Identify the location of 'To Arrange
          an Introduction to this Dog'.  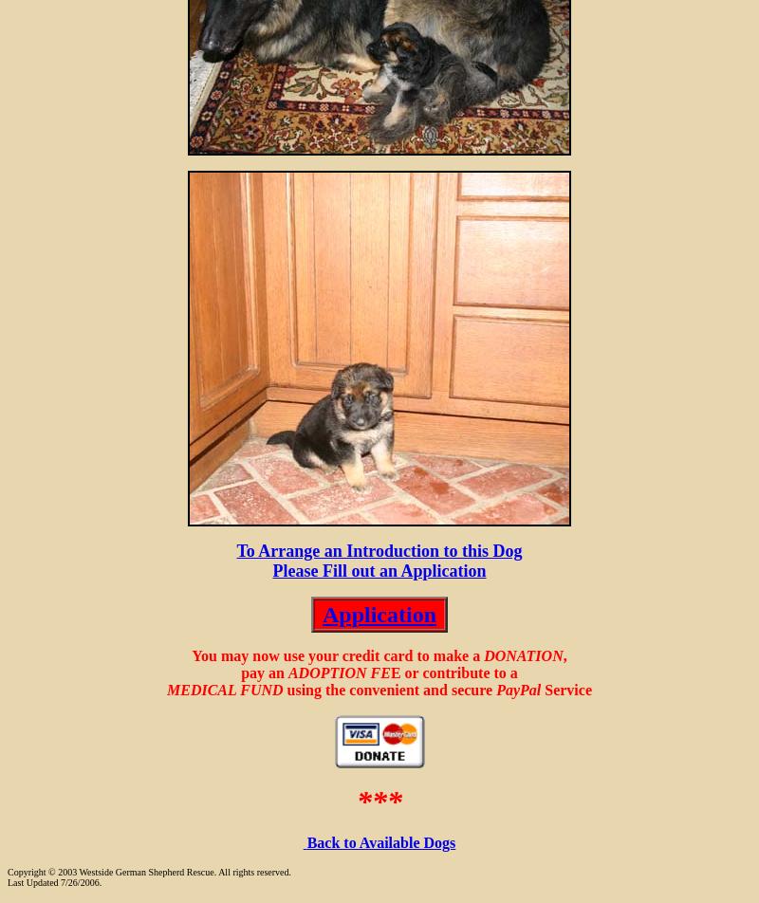
(378, 551).